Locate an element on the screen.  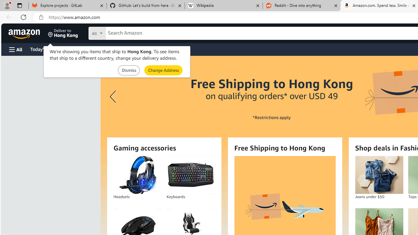
'Jeans under $50' is located at coordinates (379, 175).